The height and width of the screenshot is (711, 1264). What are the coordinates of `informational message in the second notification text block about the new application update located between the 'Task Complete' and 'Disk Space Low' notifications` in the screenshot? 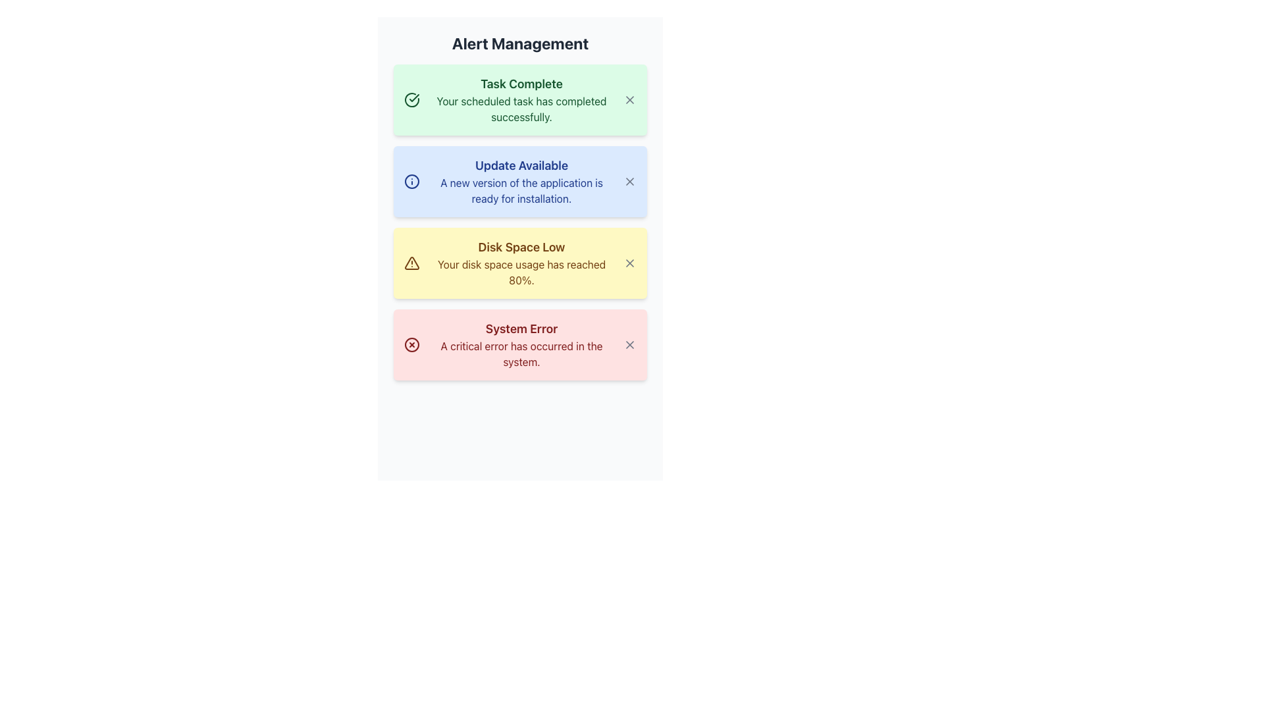 It's located at (521, 182).